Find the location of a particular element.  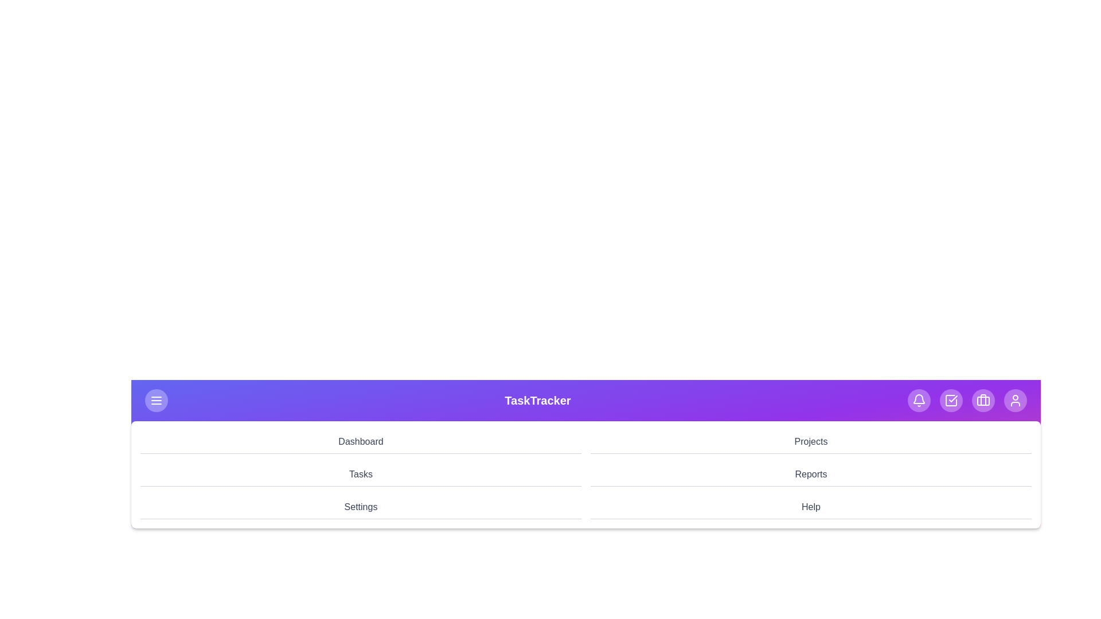

the briefcase icon in the app bar is located at coordinates (982, 399).